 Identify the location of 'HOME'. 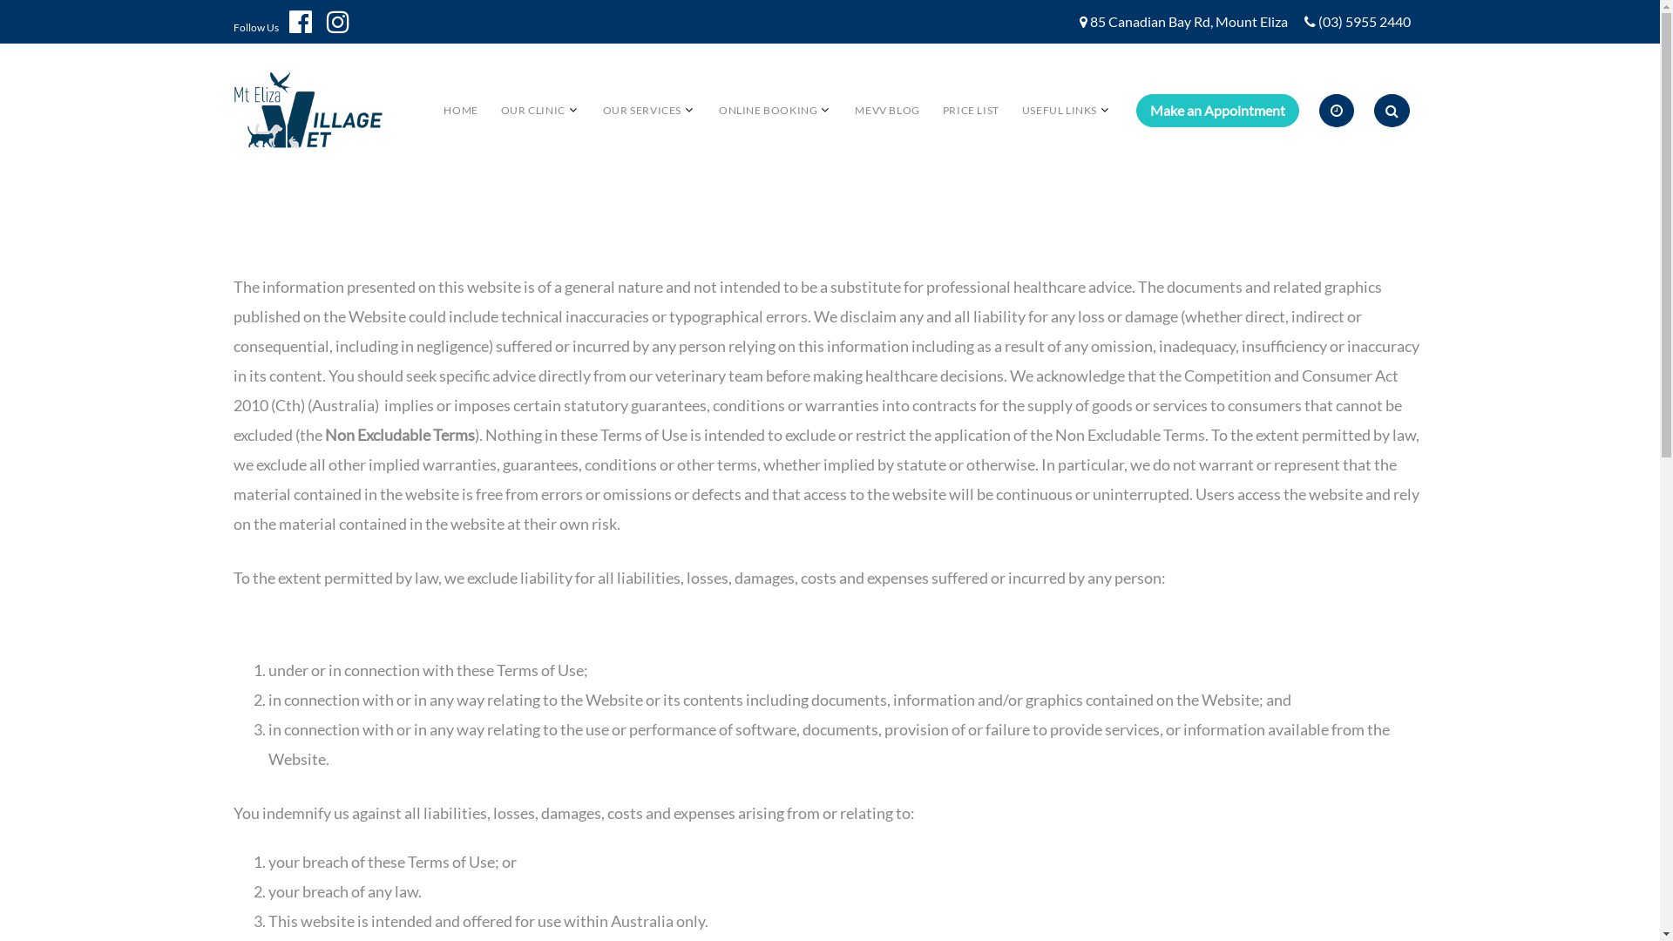
(460, 110).